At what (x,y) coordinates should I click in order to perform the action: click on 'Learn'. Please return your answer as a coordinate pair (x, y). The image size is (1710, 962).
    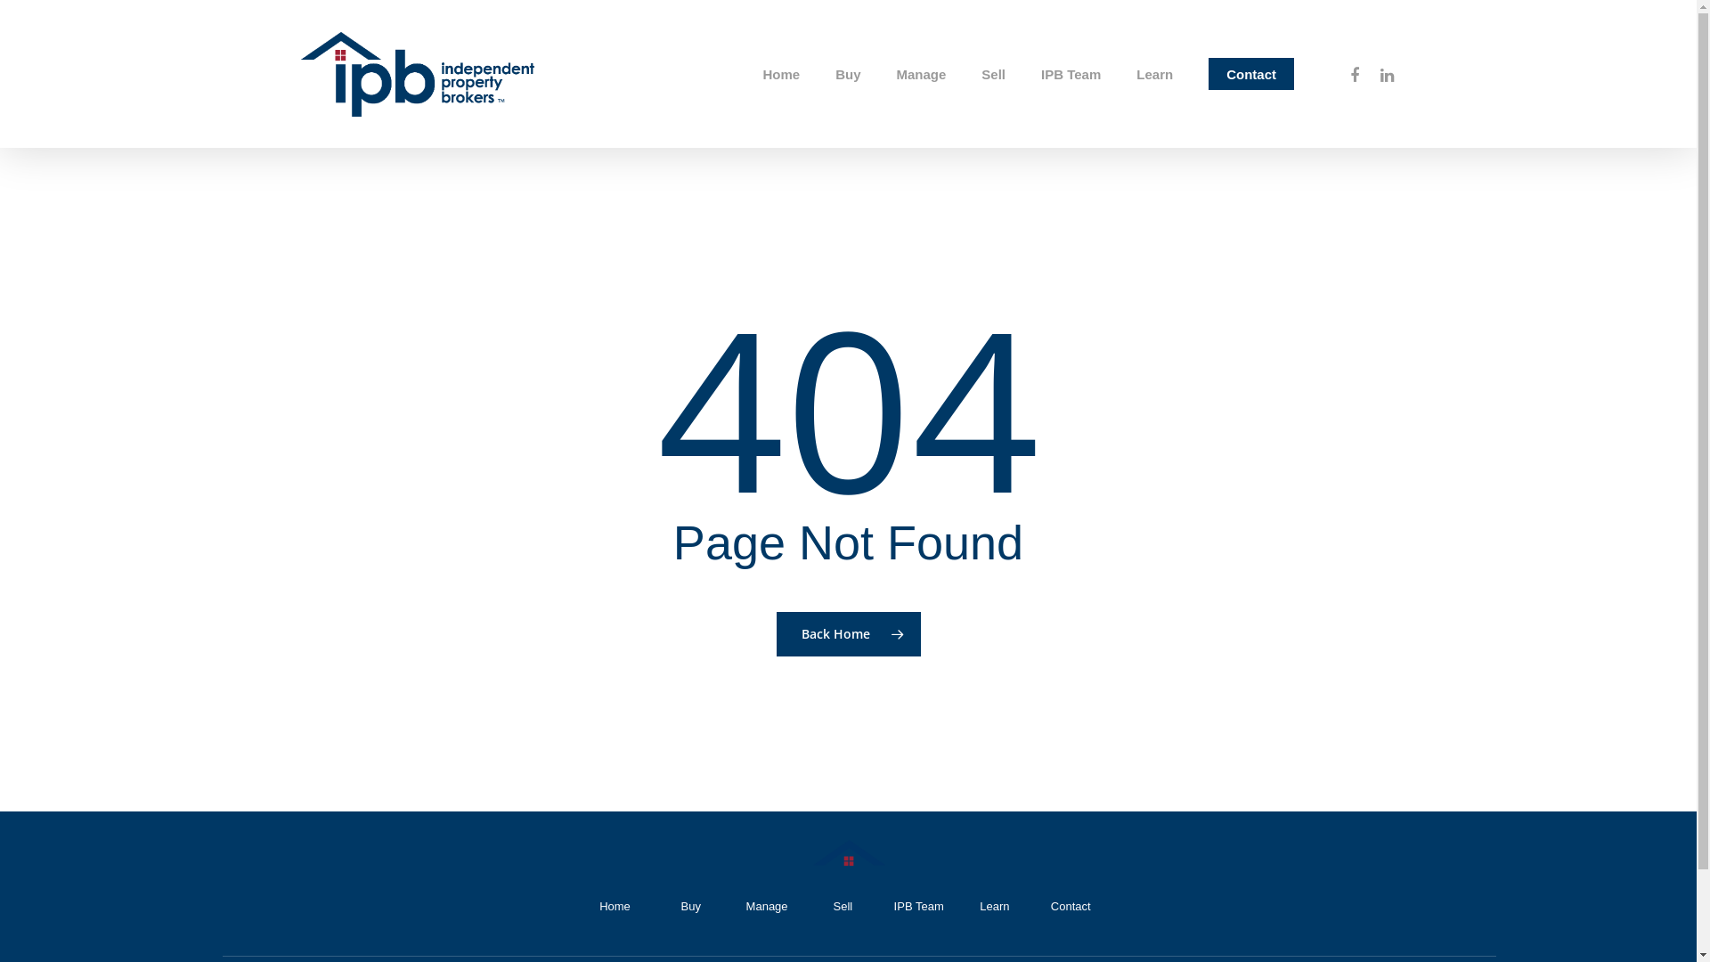
    Looking at the image, I should click on (993, 906).